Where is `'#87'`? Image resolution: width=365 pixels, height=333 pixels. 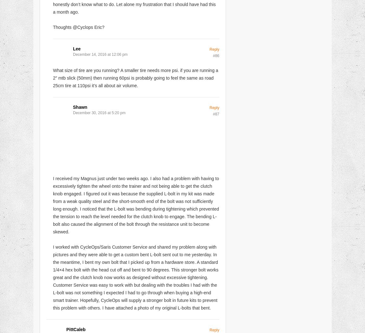
'#87' is located at coordinates (216, 113).